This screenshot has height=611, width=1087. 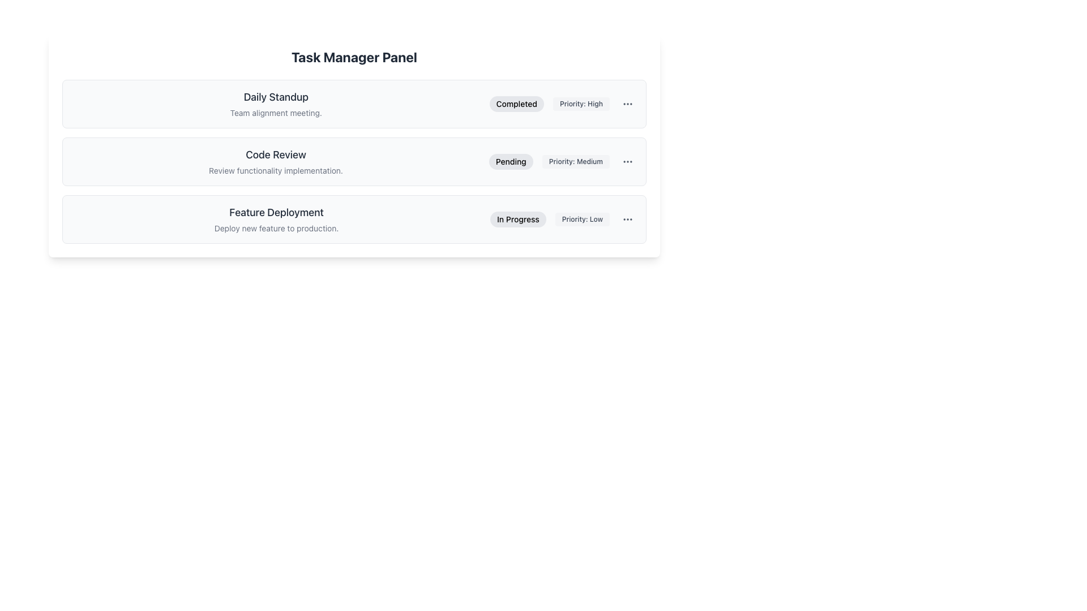 I want to click on the text label reading 'Review functionality implementation.' which is styled in gray, located beneath the heading 'Code Review' in the card section of the interface, so click(x=276, y=170).